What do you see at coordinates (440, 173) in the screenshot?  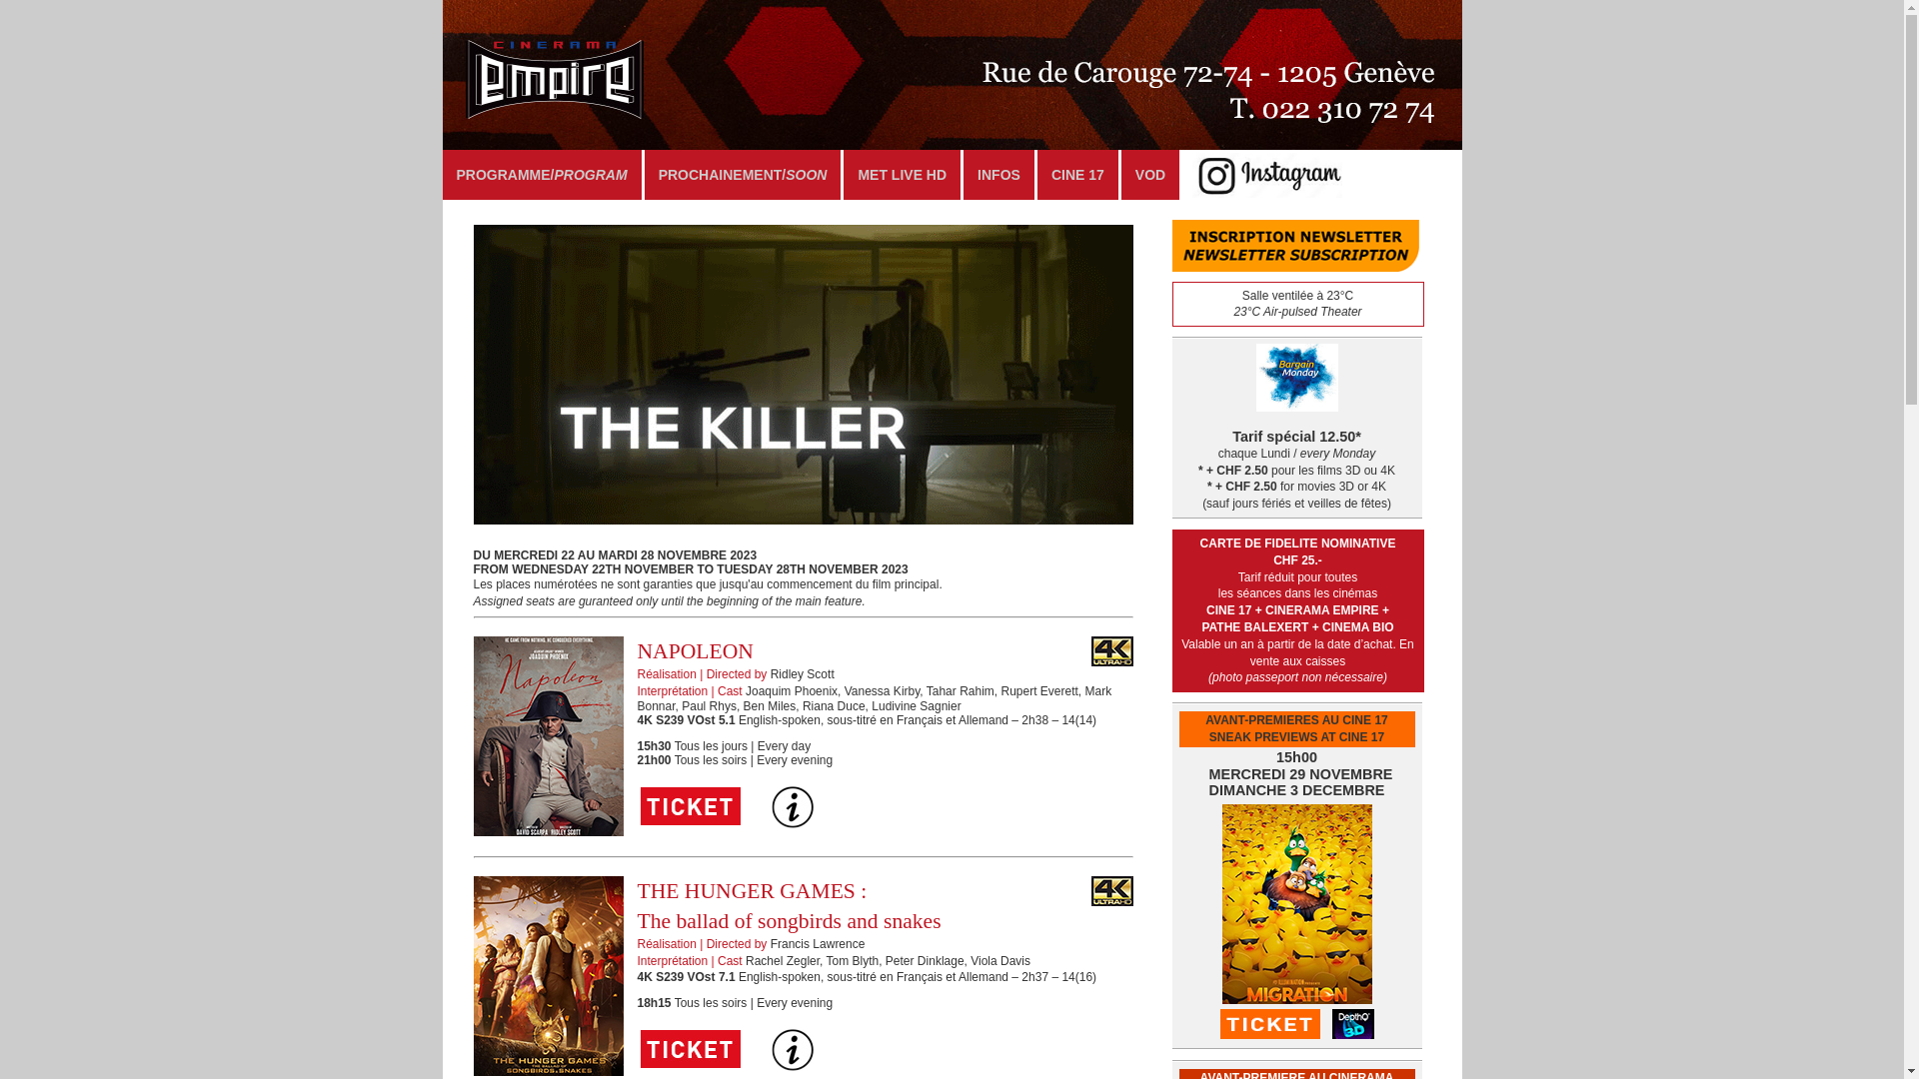 I see `'PROGRAMME/PROGRAM'` at bounding box center [440, 173].